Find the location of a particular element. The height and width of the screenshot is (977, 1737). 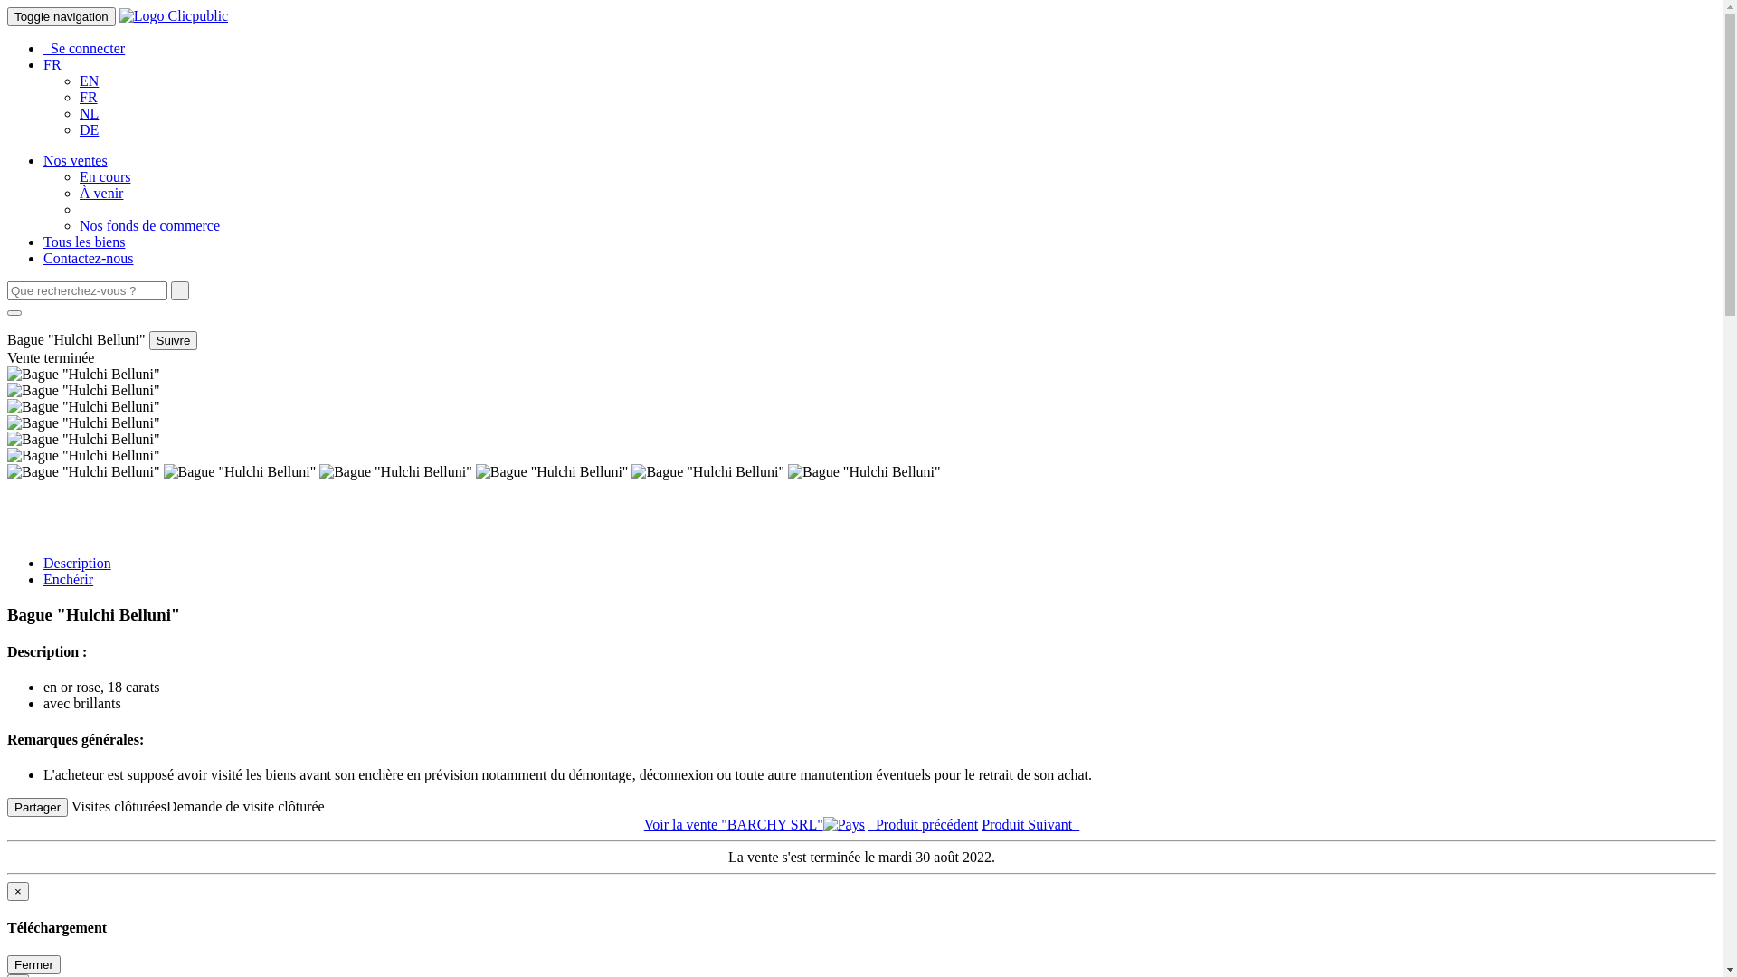

'Nos fonds de commerce' is located at coordinates (149, 224).